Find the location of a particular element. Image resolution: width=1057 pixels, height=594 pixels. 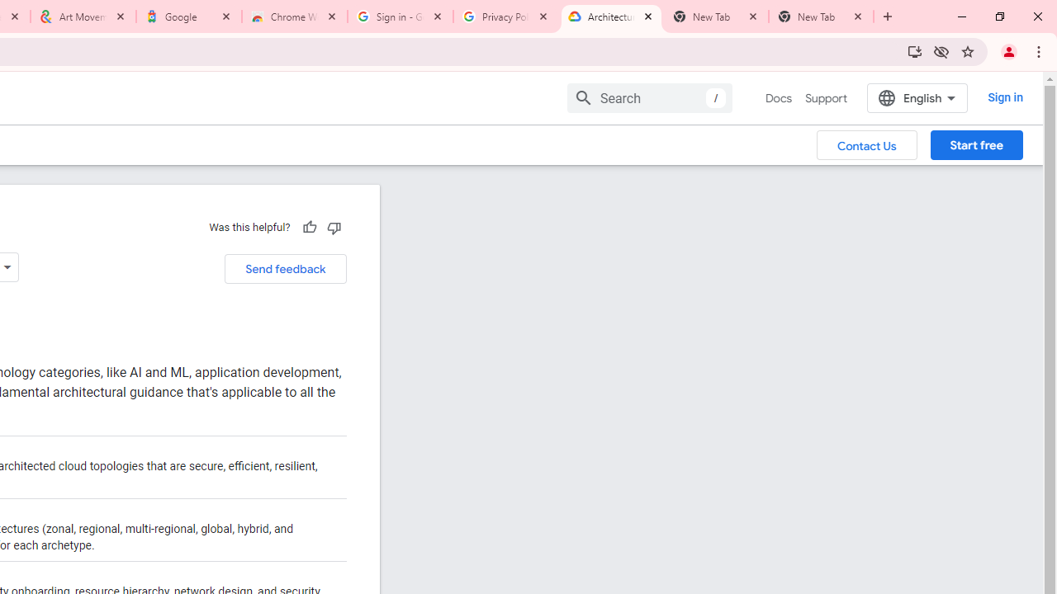

'Helpful' is located at coordinates (309, 227).